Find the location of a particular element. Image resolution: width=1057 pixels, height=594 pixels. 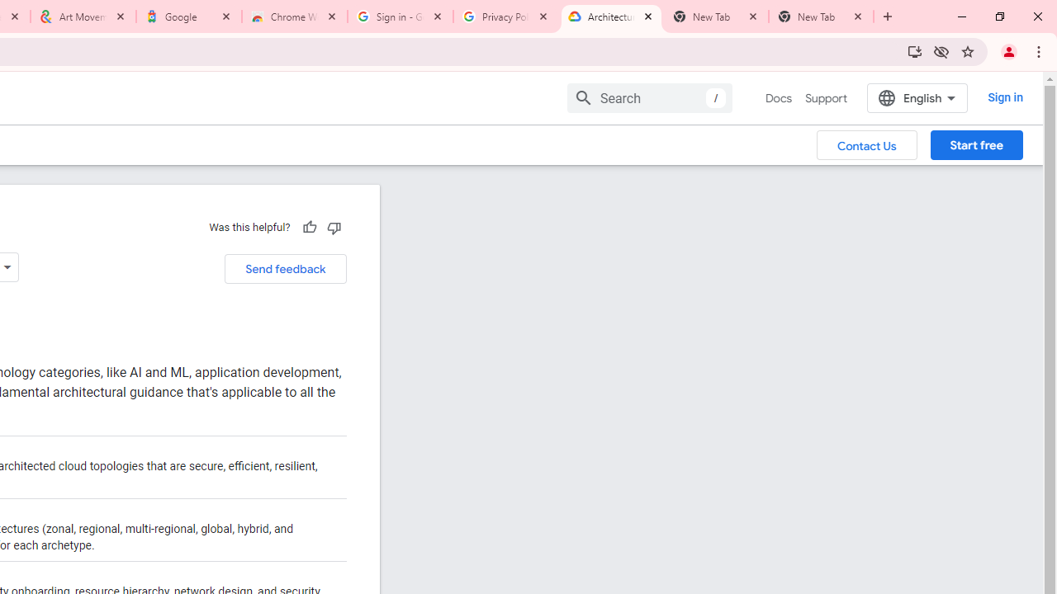

'Helpful' is located at coordinates (309, 227).